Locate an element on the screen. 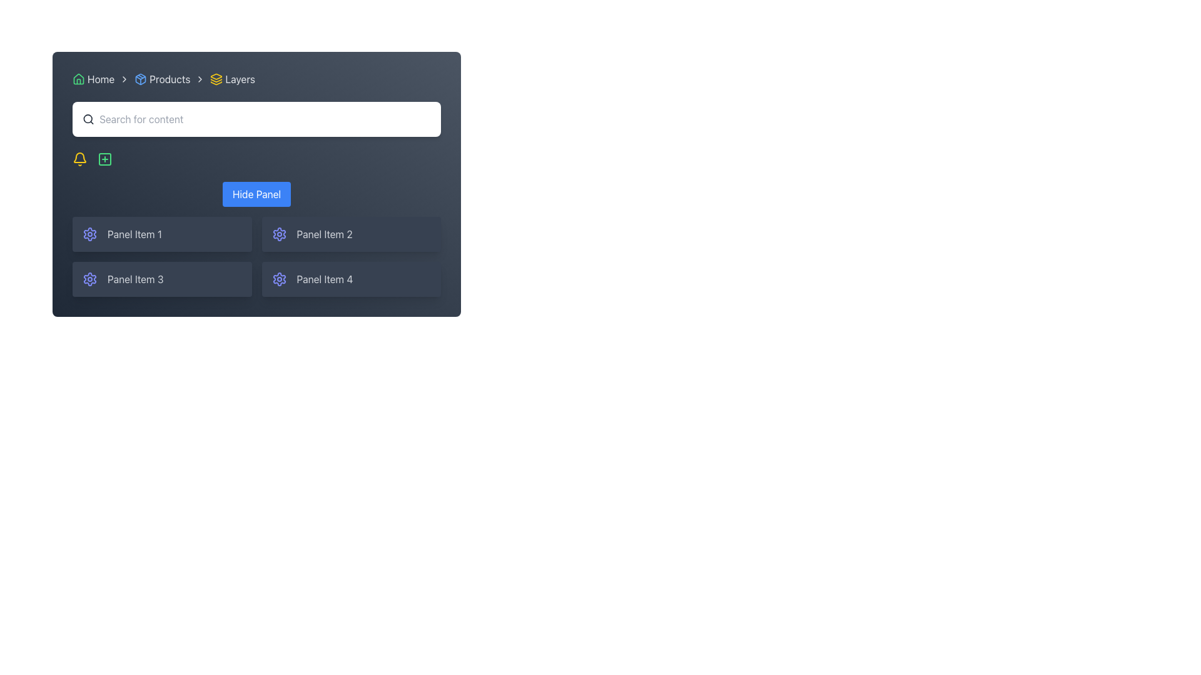 This screenshot has height=675, width=1201. the second item in the breadcrumb navigation menu, which is a Label with icon indicating the current location or navigation point is located at coordinates (161, 79).